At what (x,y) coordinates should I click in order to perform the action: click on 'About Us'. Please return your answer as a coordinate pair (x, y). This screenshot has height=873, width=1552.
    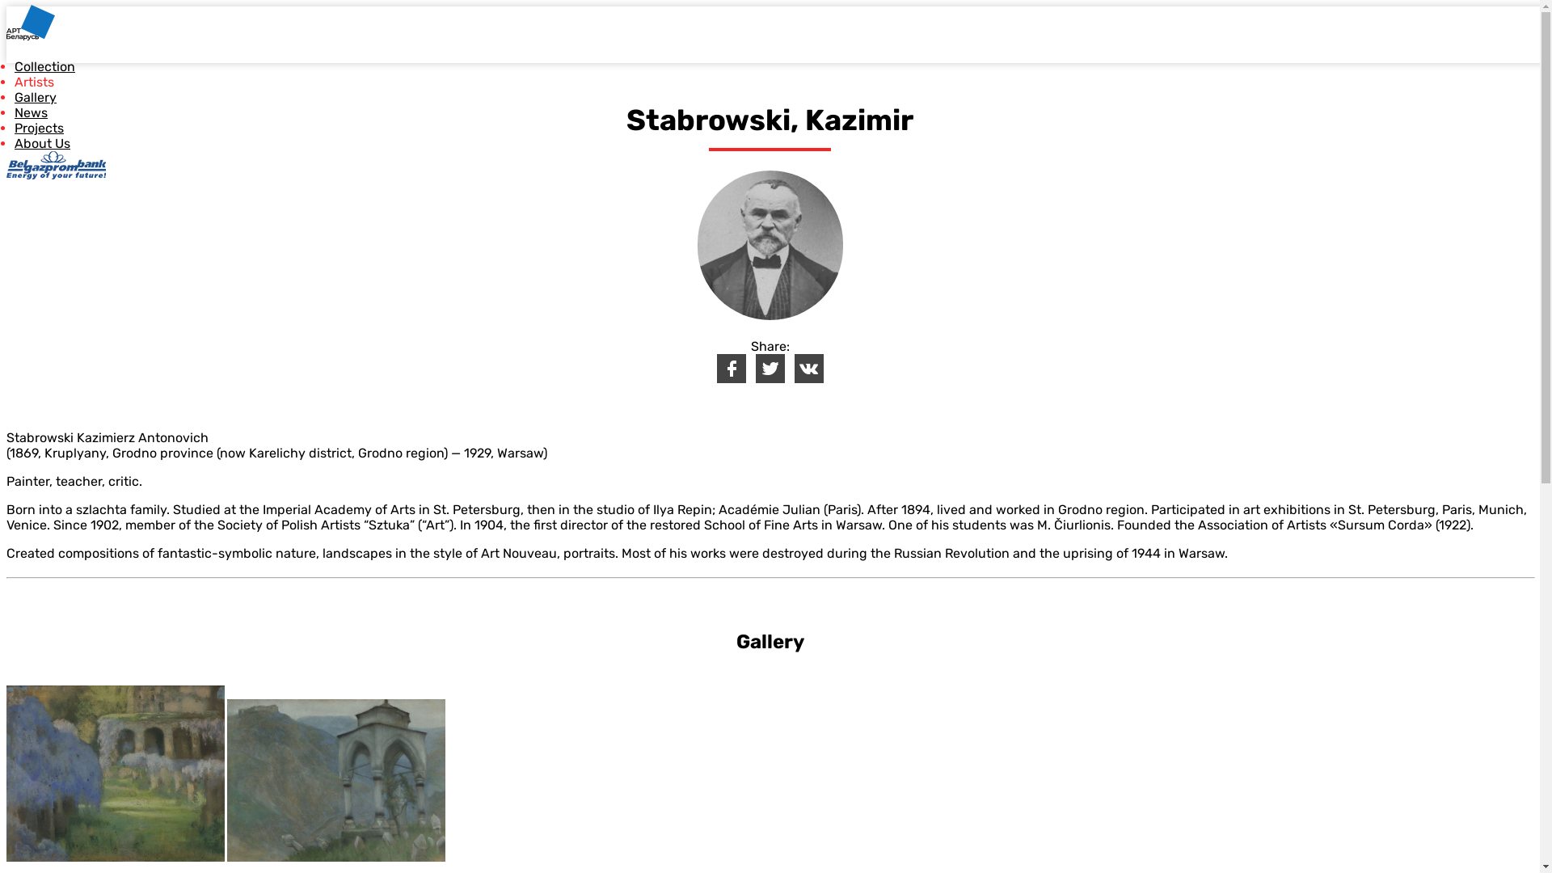
    Looking at the image, I should click on (42, 142).